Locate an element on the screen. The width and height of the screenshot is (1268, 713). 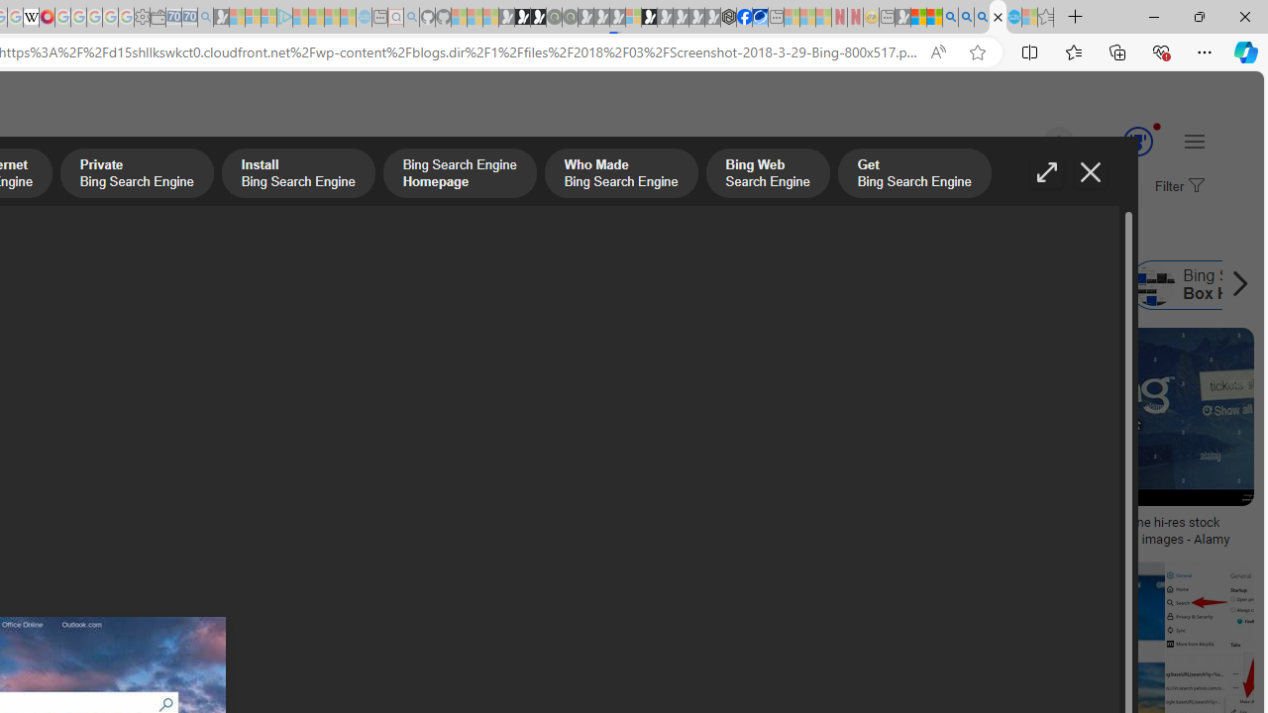
'Settings and quick links' is located at coordinates (1193, 140).